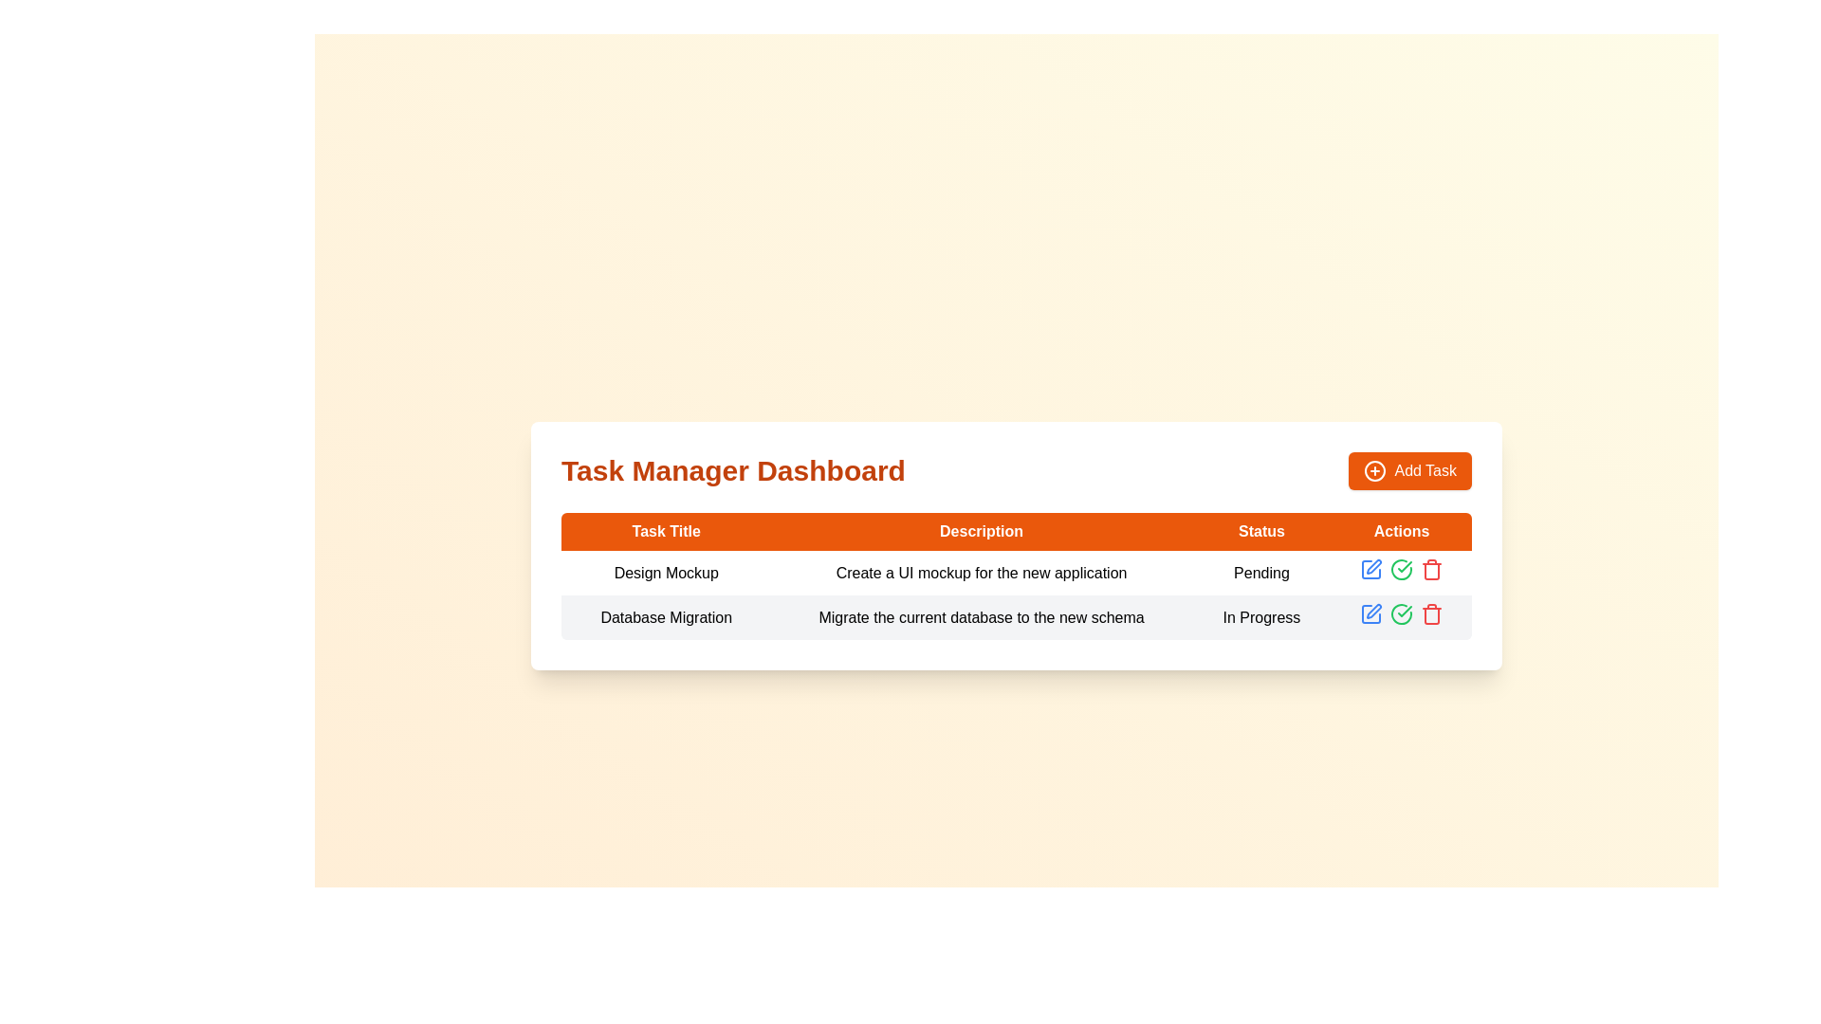 The image size is (1821, 1024). Describe the element at coordinates (1405, 565) in the screenshot. I see `the green checkmark icon in the 'Actions' column of the second row of the table` at that location.